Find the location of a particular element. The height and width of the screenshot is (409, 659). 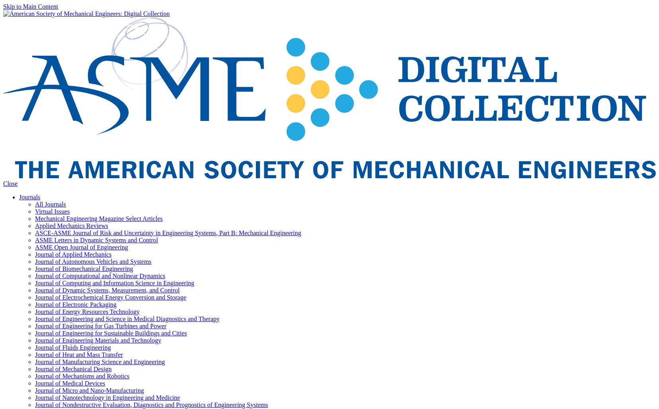

'Journal of Computational and Nonlinear Dynamics' is located at coordinates (100, 275).